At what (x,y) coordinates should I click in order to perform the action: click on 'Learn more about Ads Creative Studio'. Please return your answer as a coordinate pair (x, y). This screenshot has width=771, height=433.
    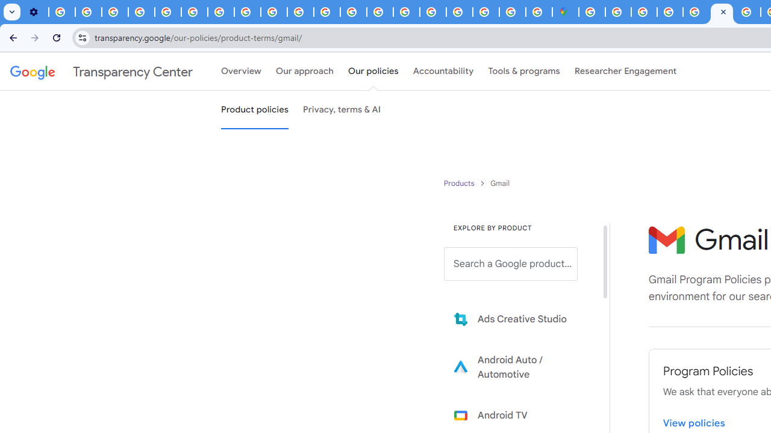
    Looking at the image, I should click on (519, 319).